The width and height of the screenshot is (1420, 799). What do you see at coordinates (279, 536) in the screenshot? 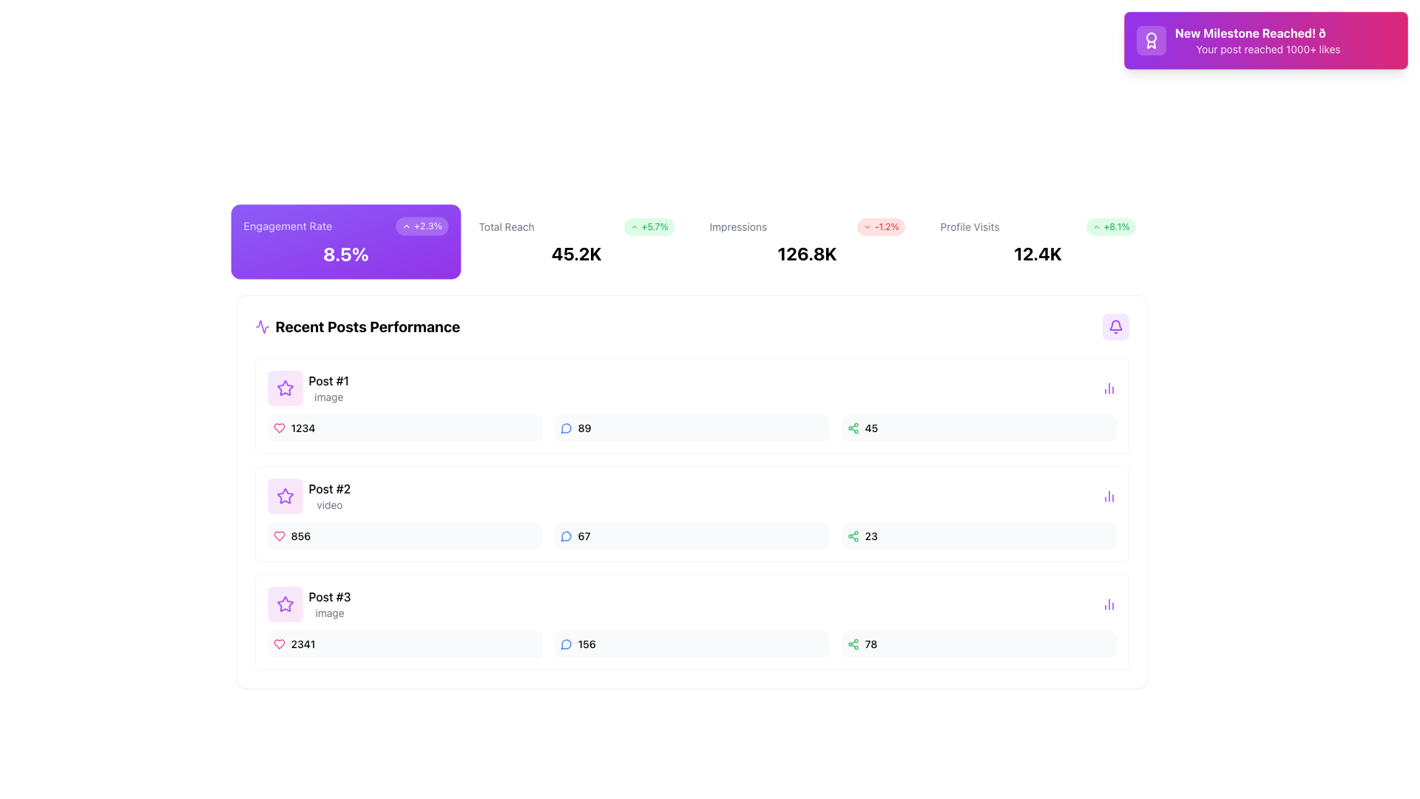
I see `the heart-shaped icon used for likes or favorites located in the second row of the 'Recent Posts Performance' section, positioned left of the numerical text indicating interactions` at bounding box center [279, 536].